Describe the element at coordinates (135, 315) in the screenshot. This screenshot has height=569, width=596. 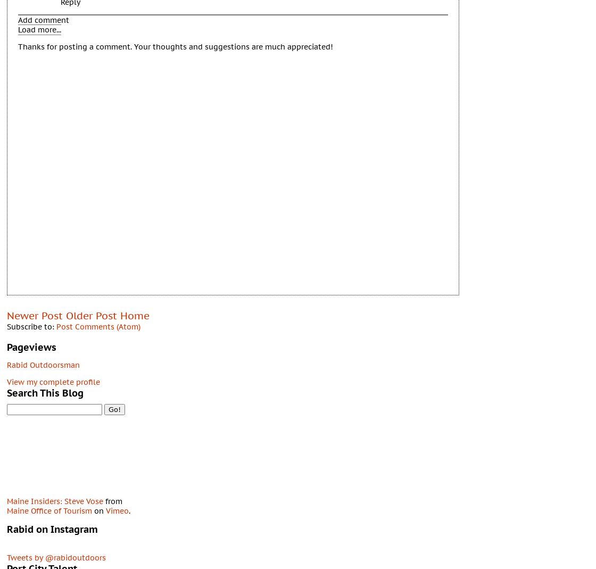
I see `'Home'` at that location.